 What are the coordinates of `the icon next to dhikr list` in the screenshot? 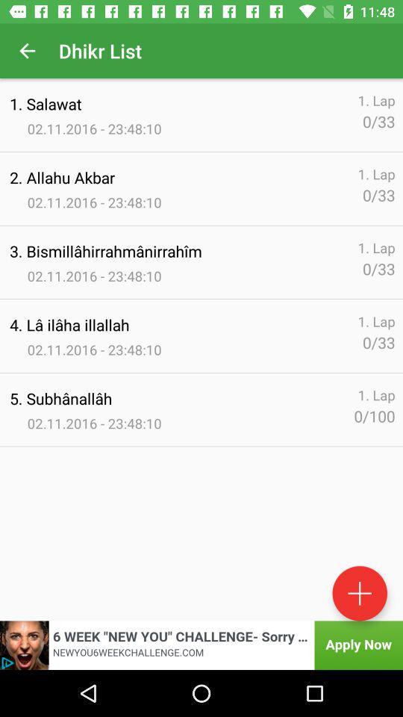 It's located at (27, 51).